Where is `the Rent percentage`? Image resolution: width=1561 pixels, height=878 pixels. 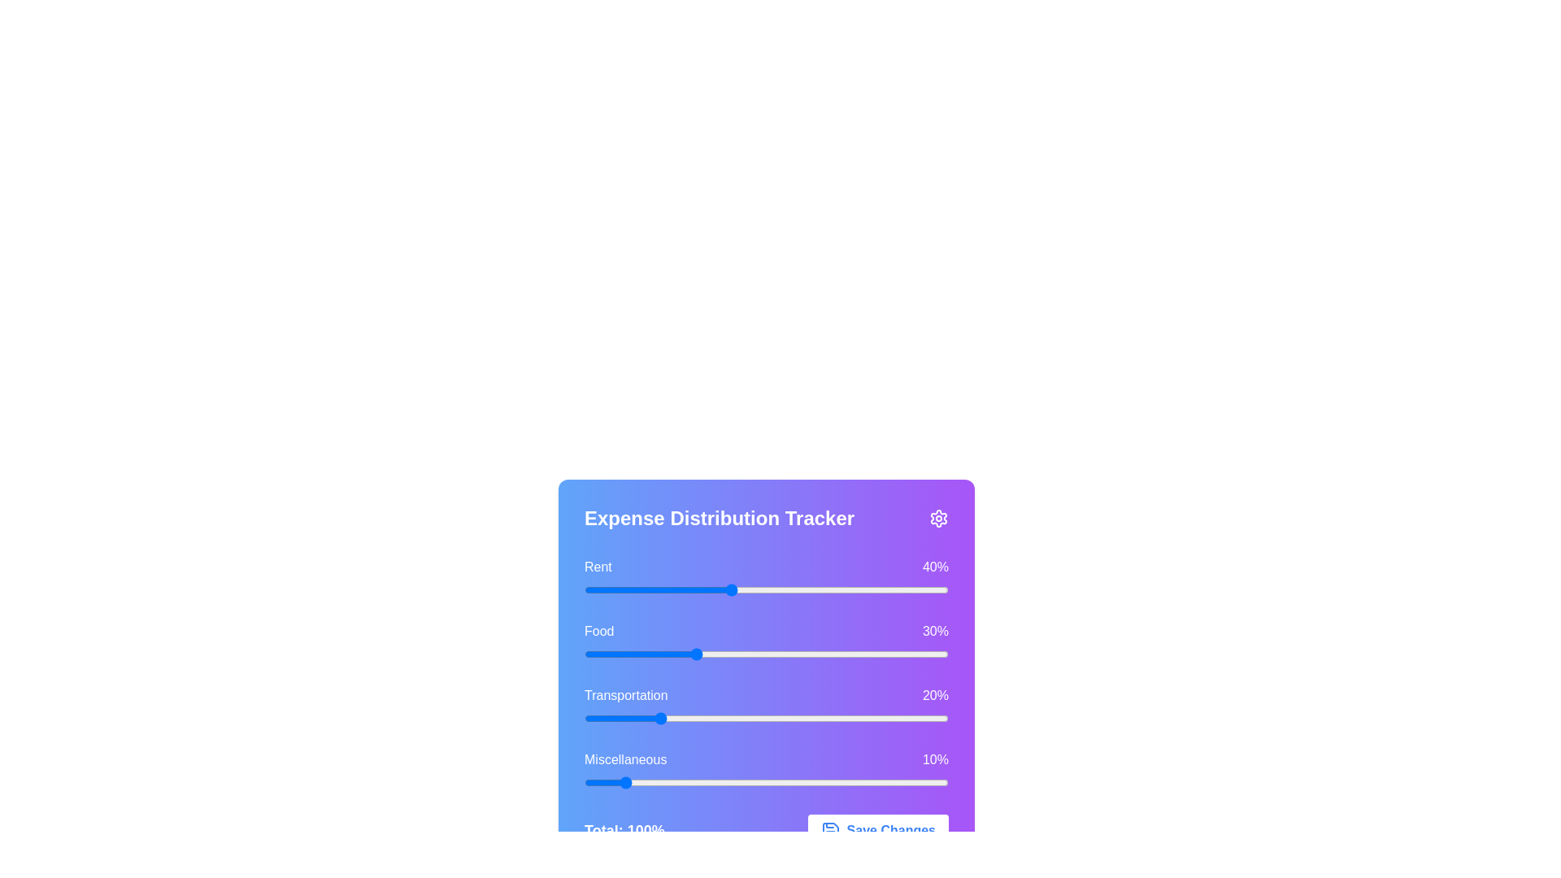 the Rent percentage is located at coordinates (634, 589).